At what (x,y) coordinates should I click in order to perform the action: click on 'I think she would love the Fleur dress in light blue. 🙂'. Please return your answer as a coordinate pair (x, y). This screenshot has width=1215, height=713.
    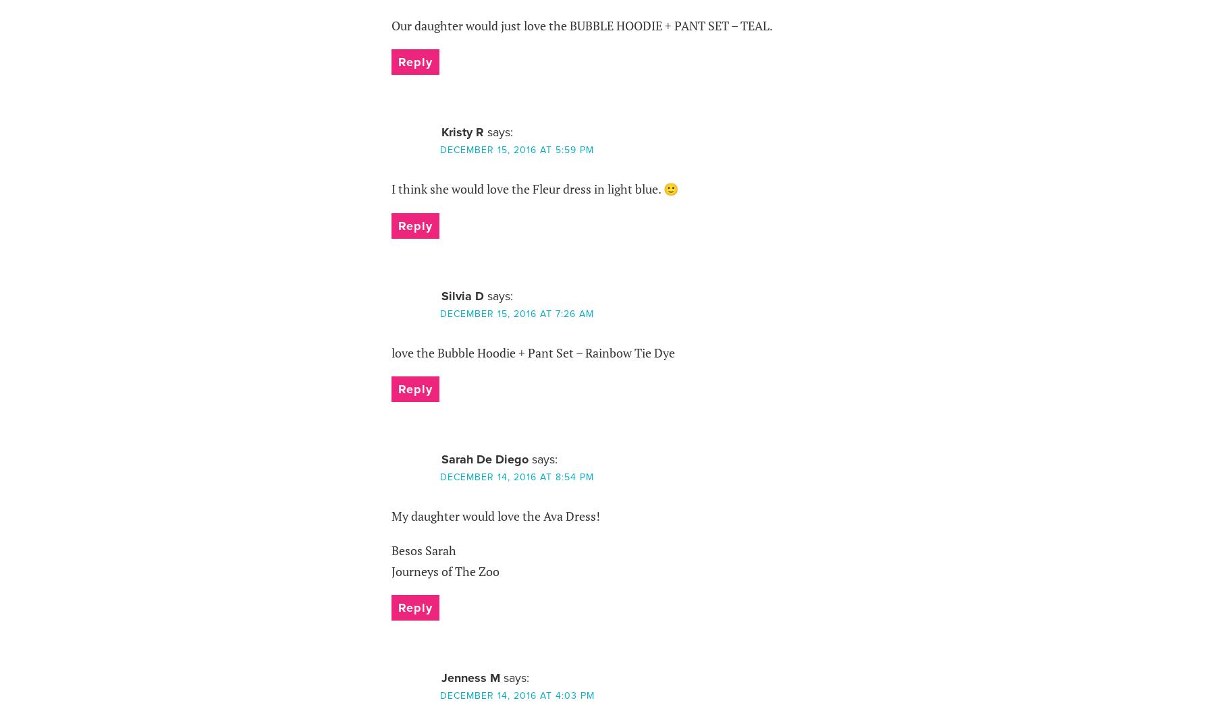
    Looking at the image, I should click on (534, 188).